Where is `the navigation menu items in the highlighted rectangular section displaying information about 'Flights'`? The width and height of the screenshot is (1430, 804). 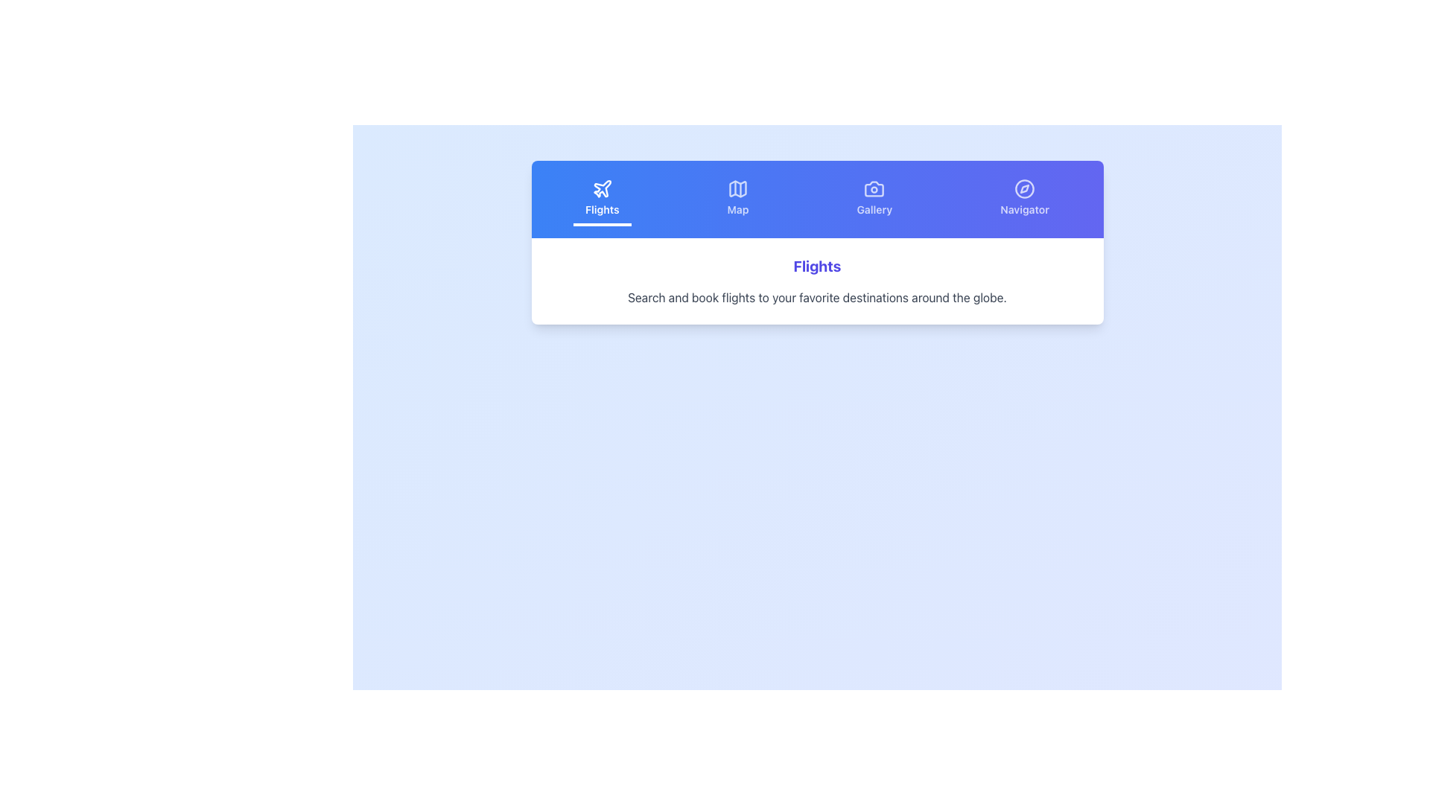 the navigation menu items in the highlighted rectangular section displaying information about 'Flights' is located at coordinates (816, 242).